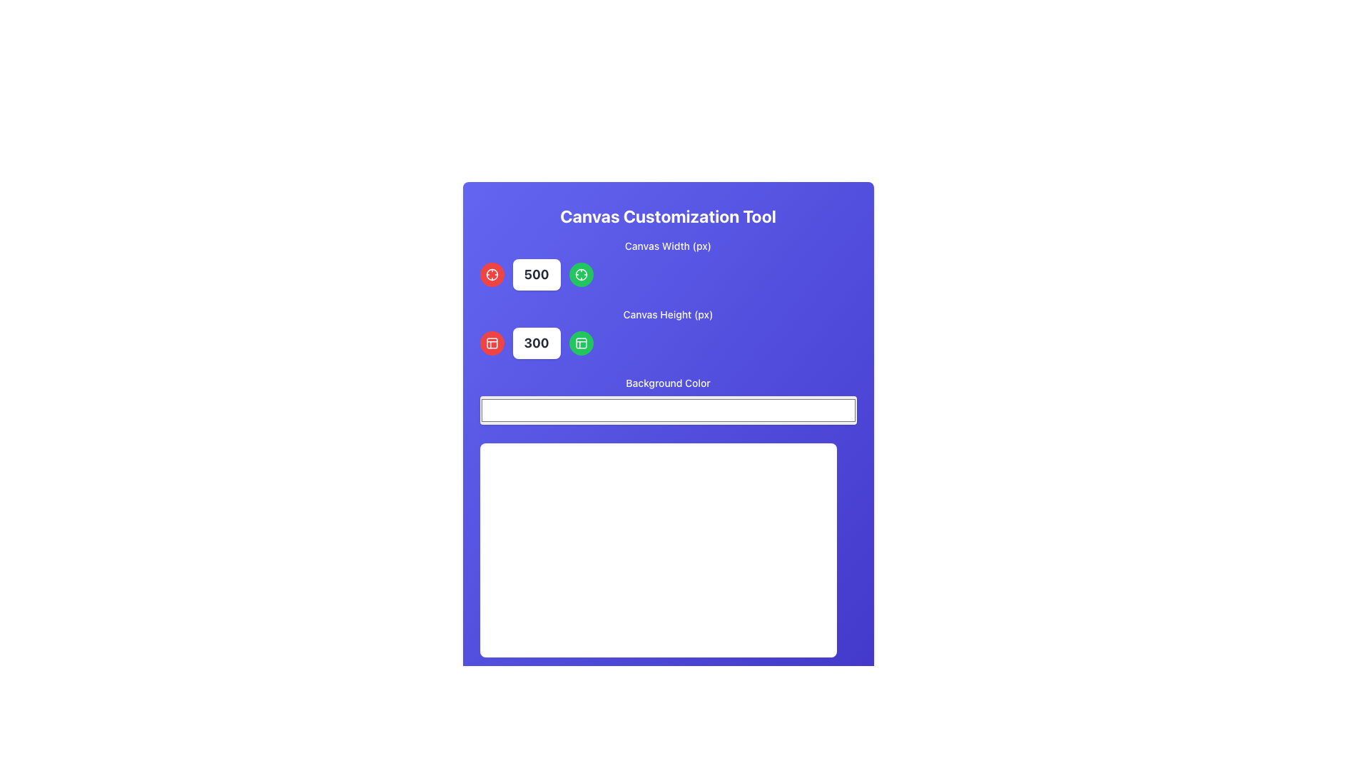 The width and height of the screenshot is (1370, 771). I want to click on the text label reading 'Background Color' located above the color input field in the 'Background Color' section of the user interface, so click(667, 382).